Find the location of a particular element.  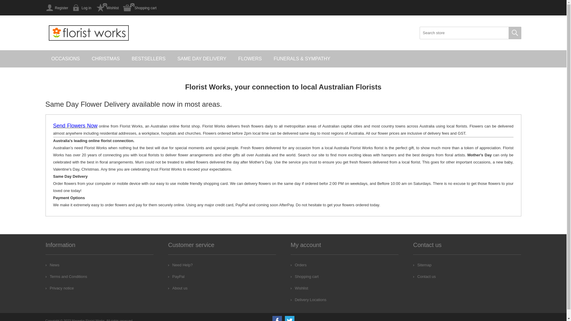

'Search' is located at coordinates (514, 33).